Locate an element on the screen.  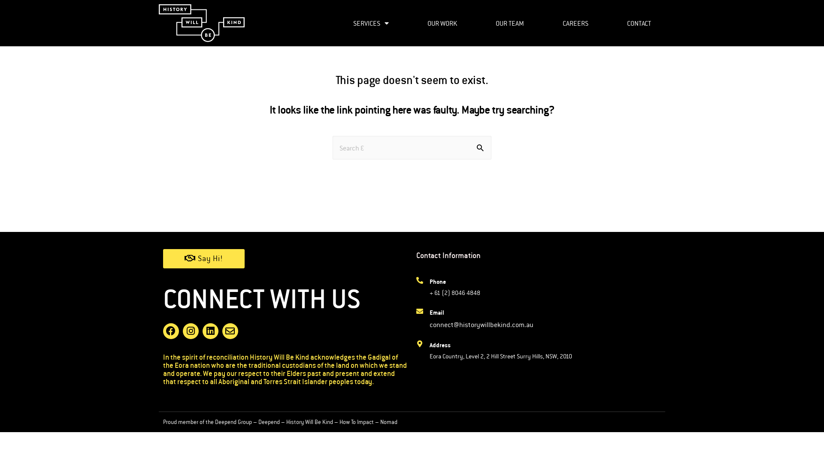
'OUR TEAM' is located at coordinates (509, 23).